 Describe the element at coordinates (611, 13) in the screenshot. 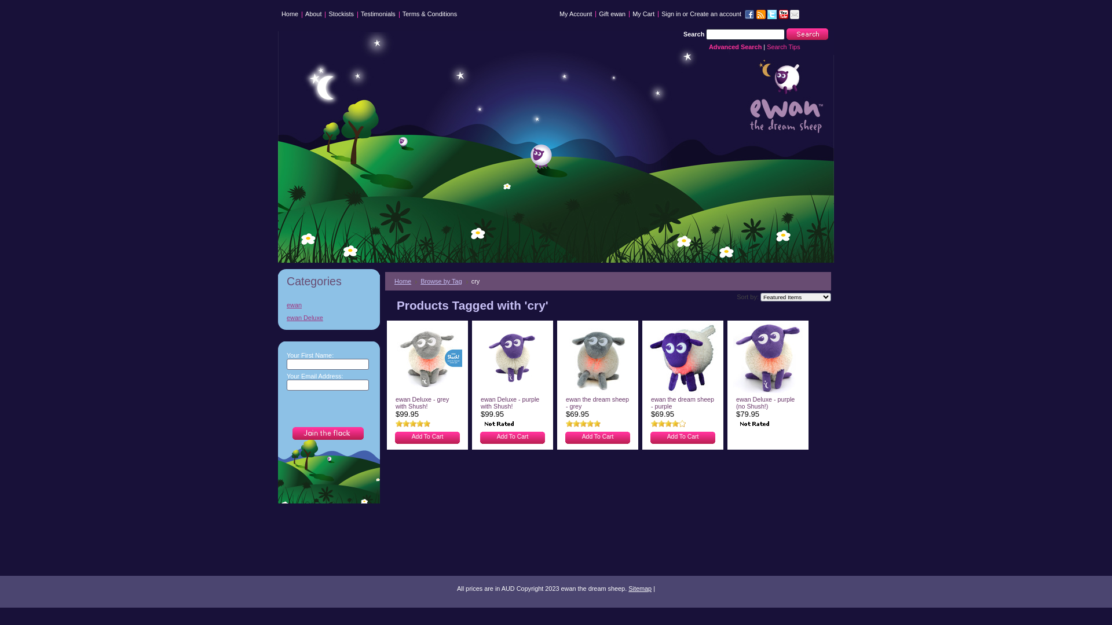

I see `'Gift ewan'` at that location.